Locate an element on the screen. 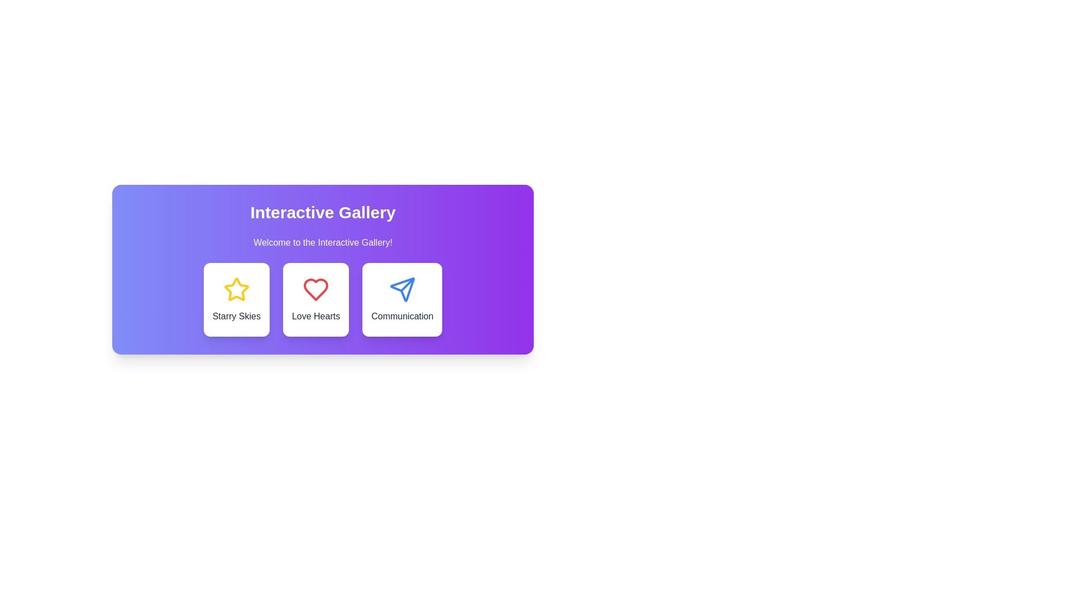 Image resolution: width=1072 pixels, height=603 pixels. the text label located in the second card of the Interactive Gallery section, which is positioned directly beneath a heart icon is located at coordinates (315, 317).